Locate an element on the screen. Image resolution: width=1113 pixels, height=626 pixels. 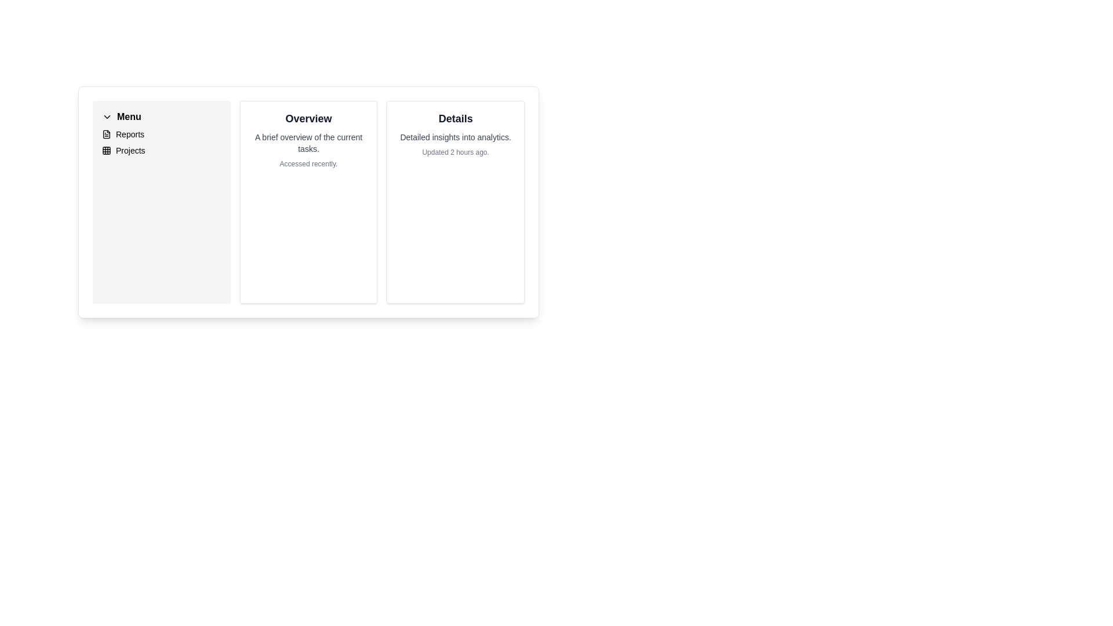
the icon representing a file is located at coordinates (106, 133).